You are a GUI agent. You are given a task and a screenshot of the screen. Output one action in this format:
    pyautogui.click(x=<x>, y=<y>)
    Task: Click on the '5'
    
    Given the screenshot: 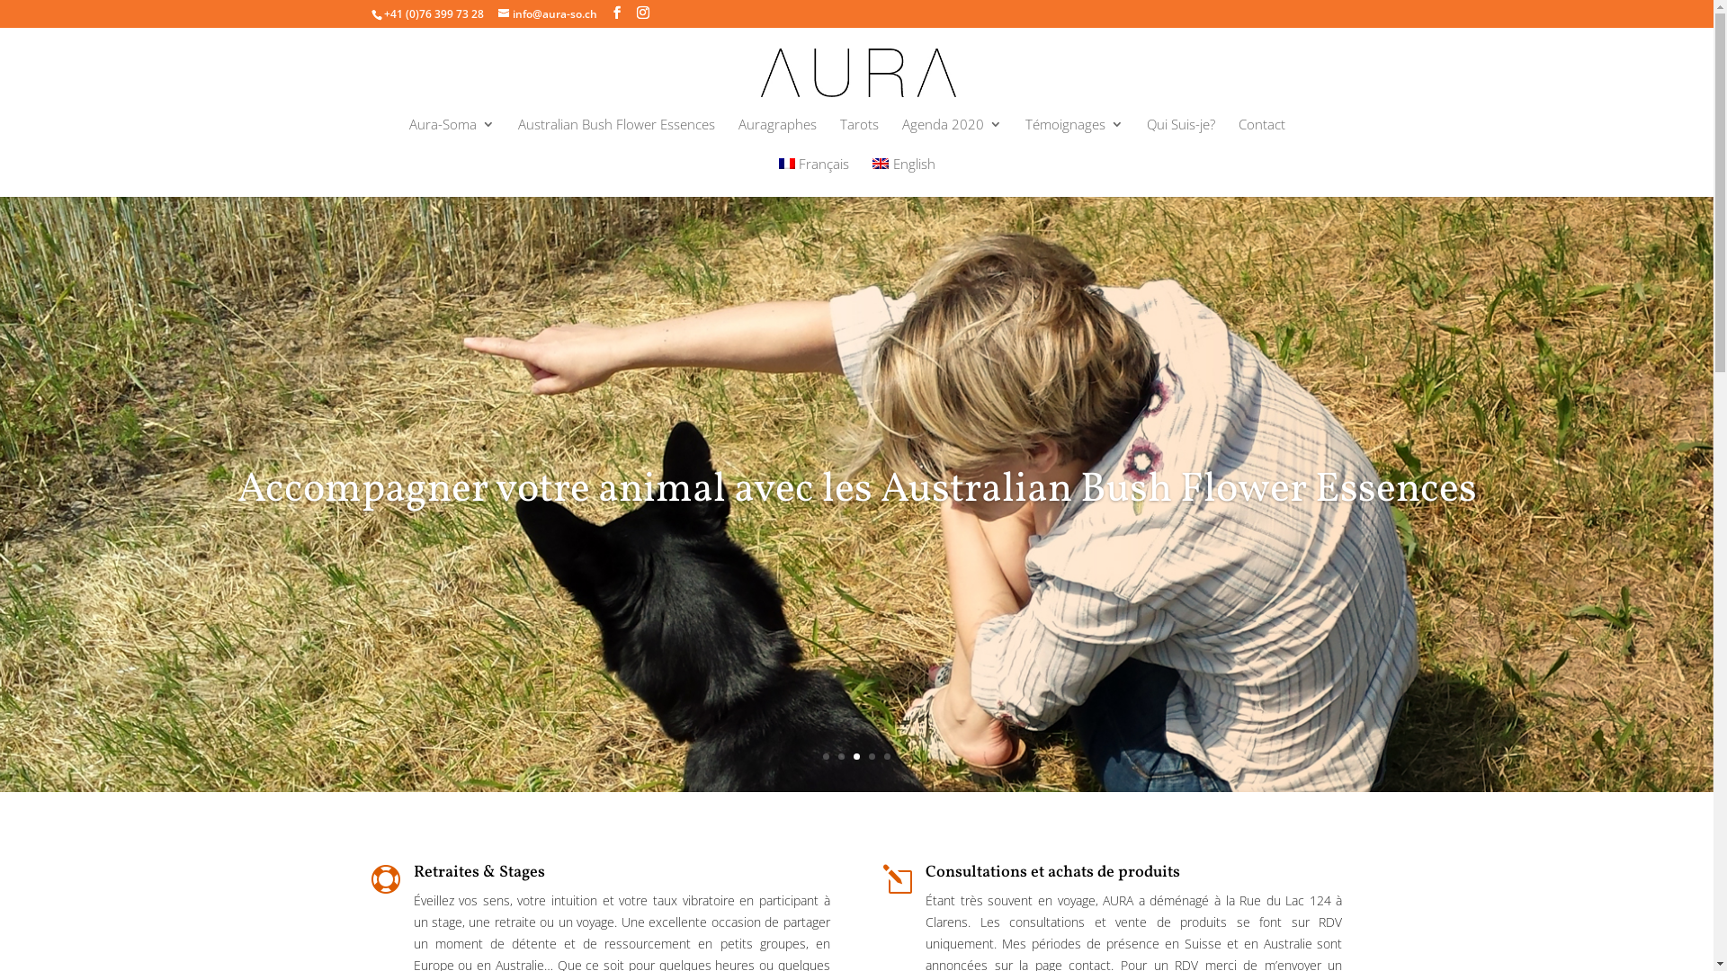 What is the action you would take?
    pyautogui.click(x=887, y=756)
    